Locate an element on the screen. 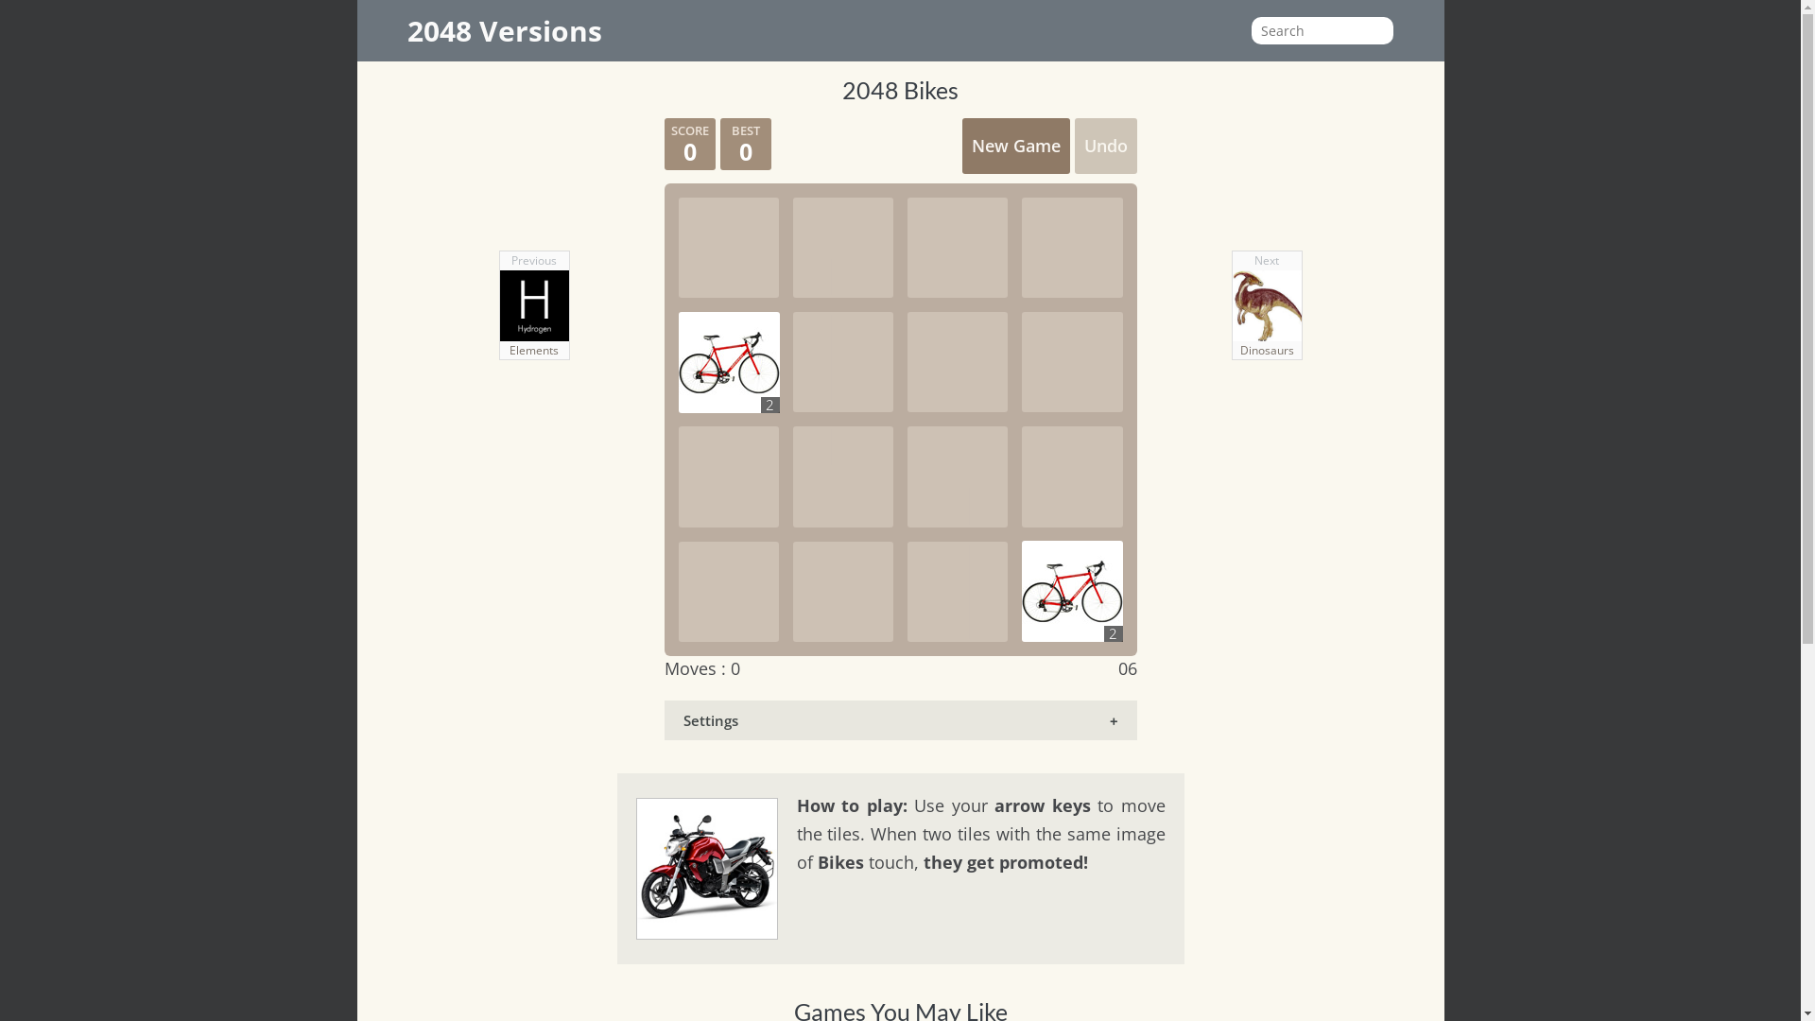  'Undo' is located at coordinates (1105, 145).